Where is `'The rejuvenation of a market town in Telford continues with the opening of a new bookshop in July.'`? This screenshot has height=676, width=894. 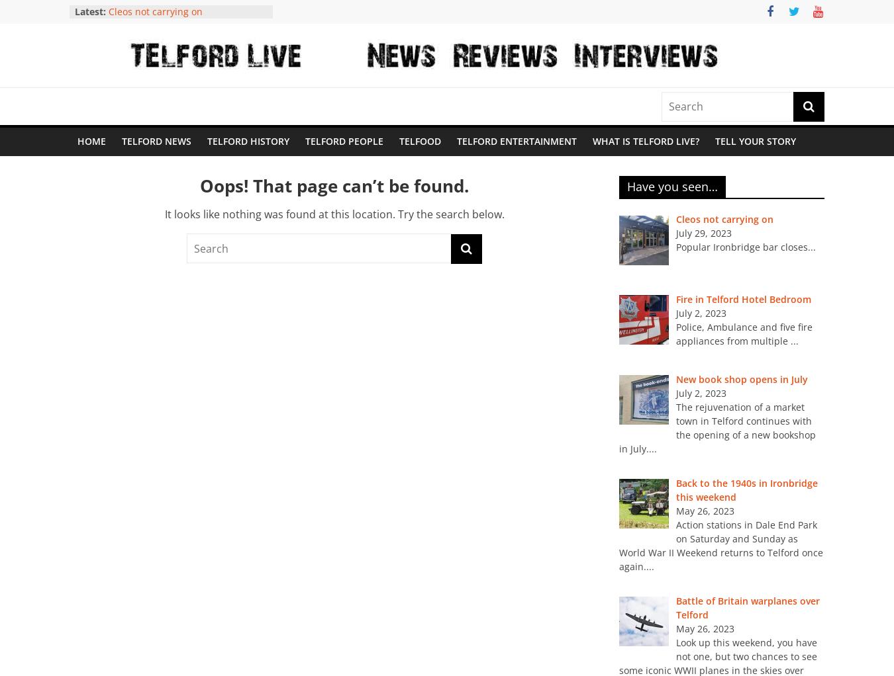
'The rejuvenation of a market town in Telford continues with the opening of a new bookshop in July.' is located at coordinates (717, 427).